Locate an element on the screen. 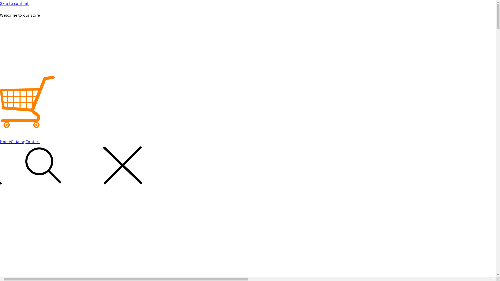  'Skip to content' is located at coordinates (0, 4).